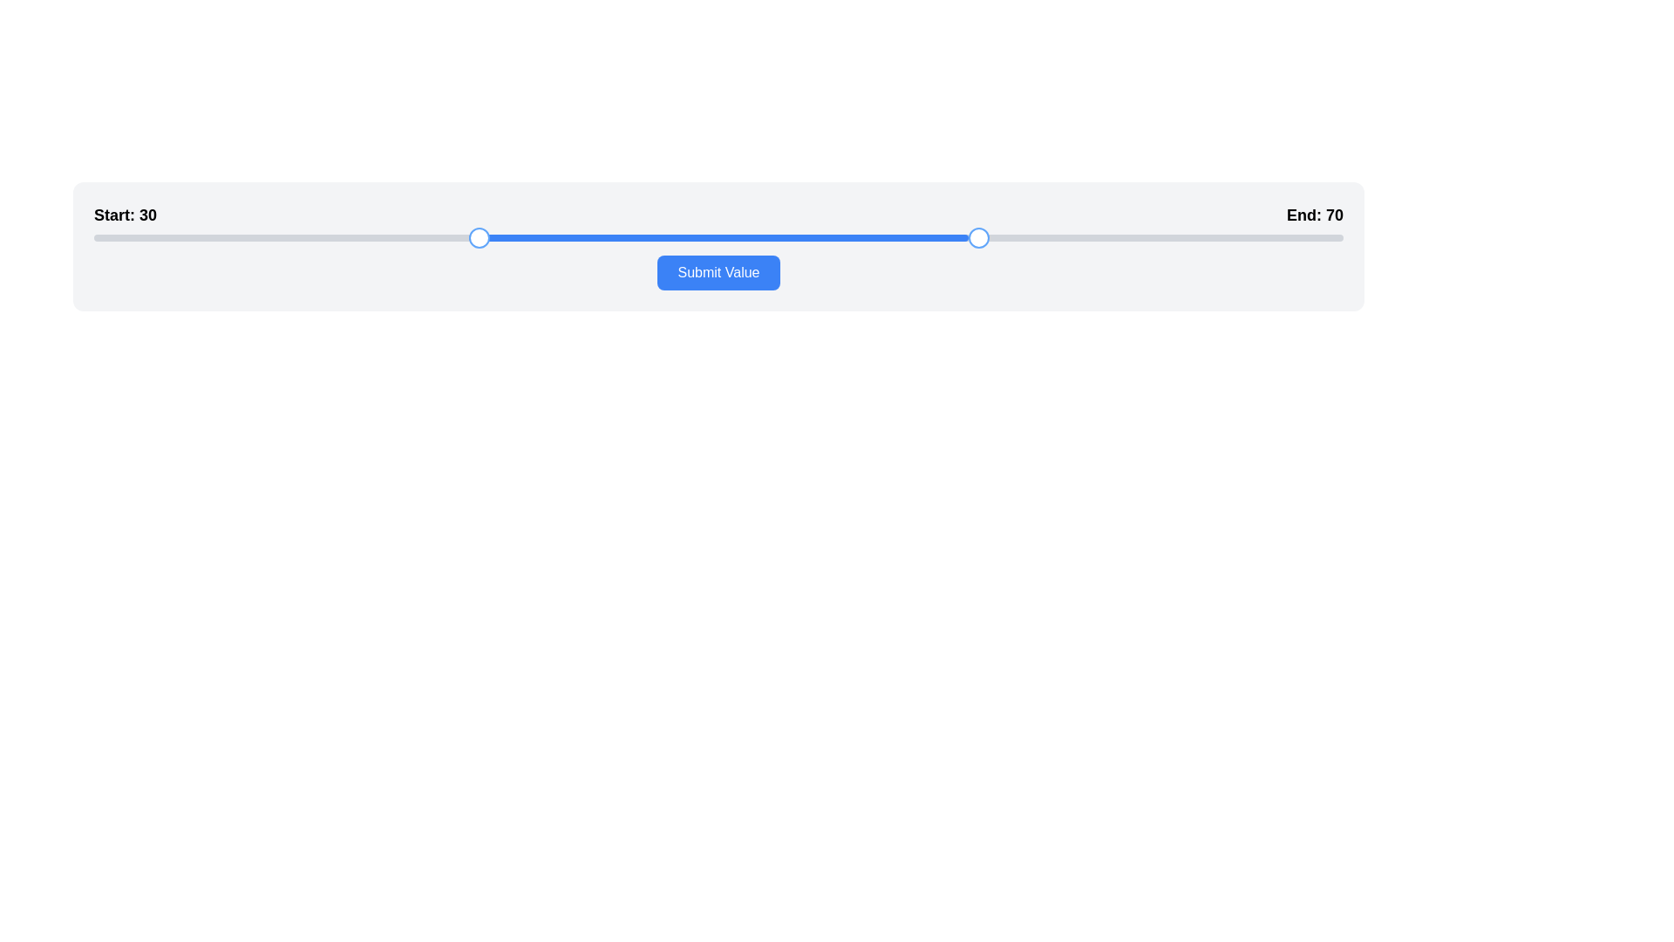 The width and height of the screenshot is (1674, 942). I want to click on slider position, so click(500, 238).